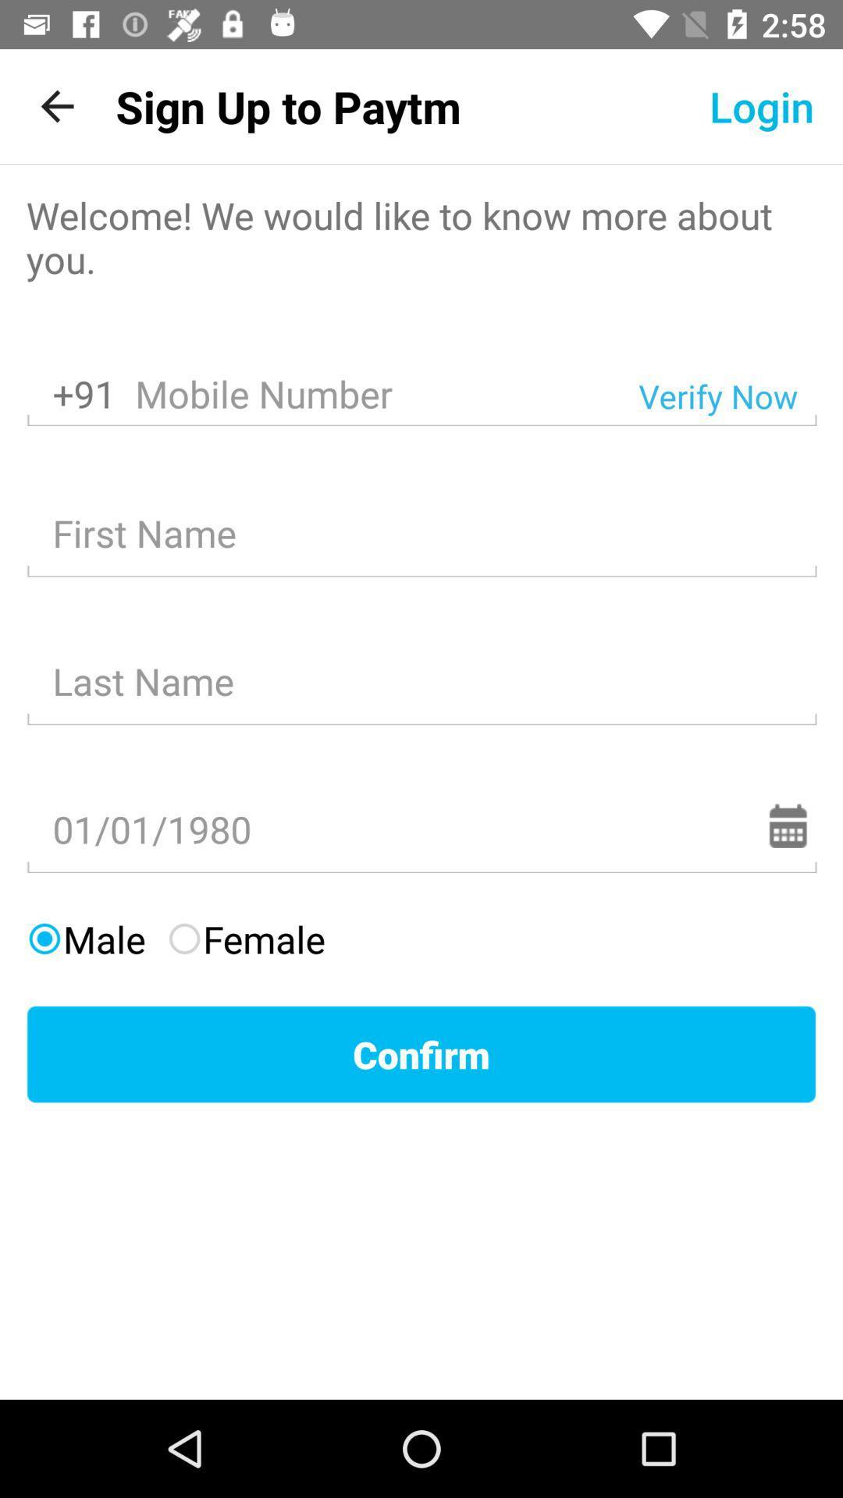  I want to click on sign up to item, so click(288, 105).